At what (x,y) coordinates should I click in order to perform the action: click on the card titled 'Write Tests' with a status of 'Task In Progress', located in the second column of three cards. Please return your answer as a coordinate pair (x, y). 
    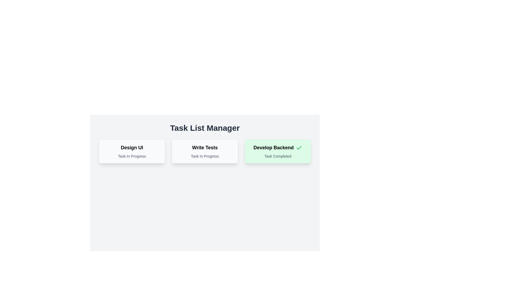
    Looking at the image, I should click on (204, 151).